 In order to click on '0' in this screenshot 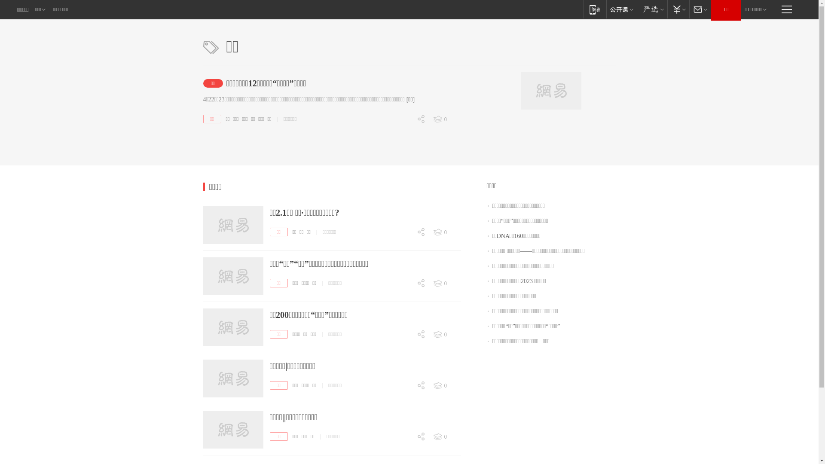, I will do `click(403, 430)`.